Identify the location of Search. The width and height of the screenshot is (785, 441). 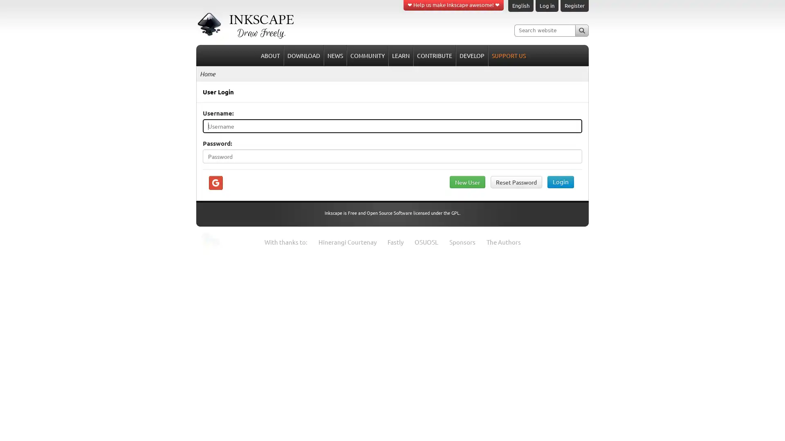
(581, 30).